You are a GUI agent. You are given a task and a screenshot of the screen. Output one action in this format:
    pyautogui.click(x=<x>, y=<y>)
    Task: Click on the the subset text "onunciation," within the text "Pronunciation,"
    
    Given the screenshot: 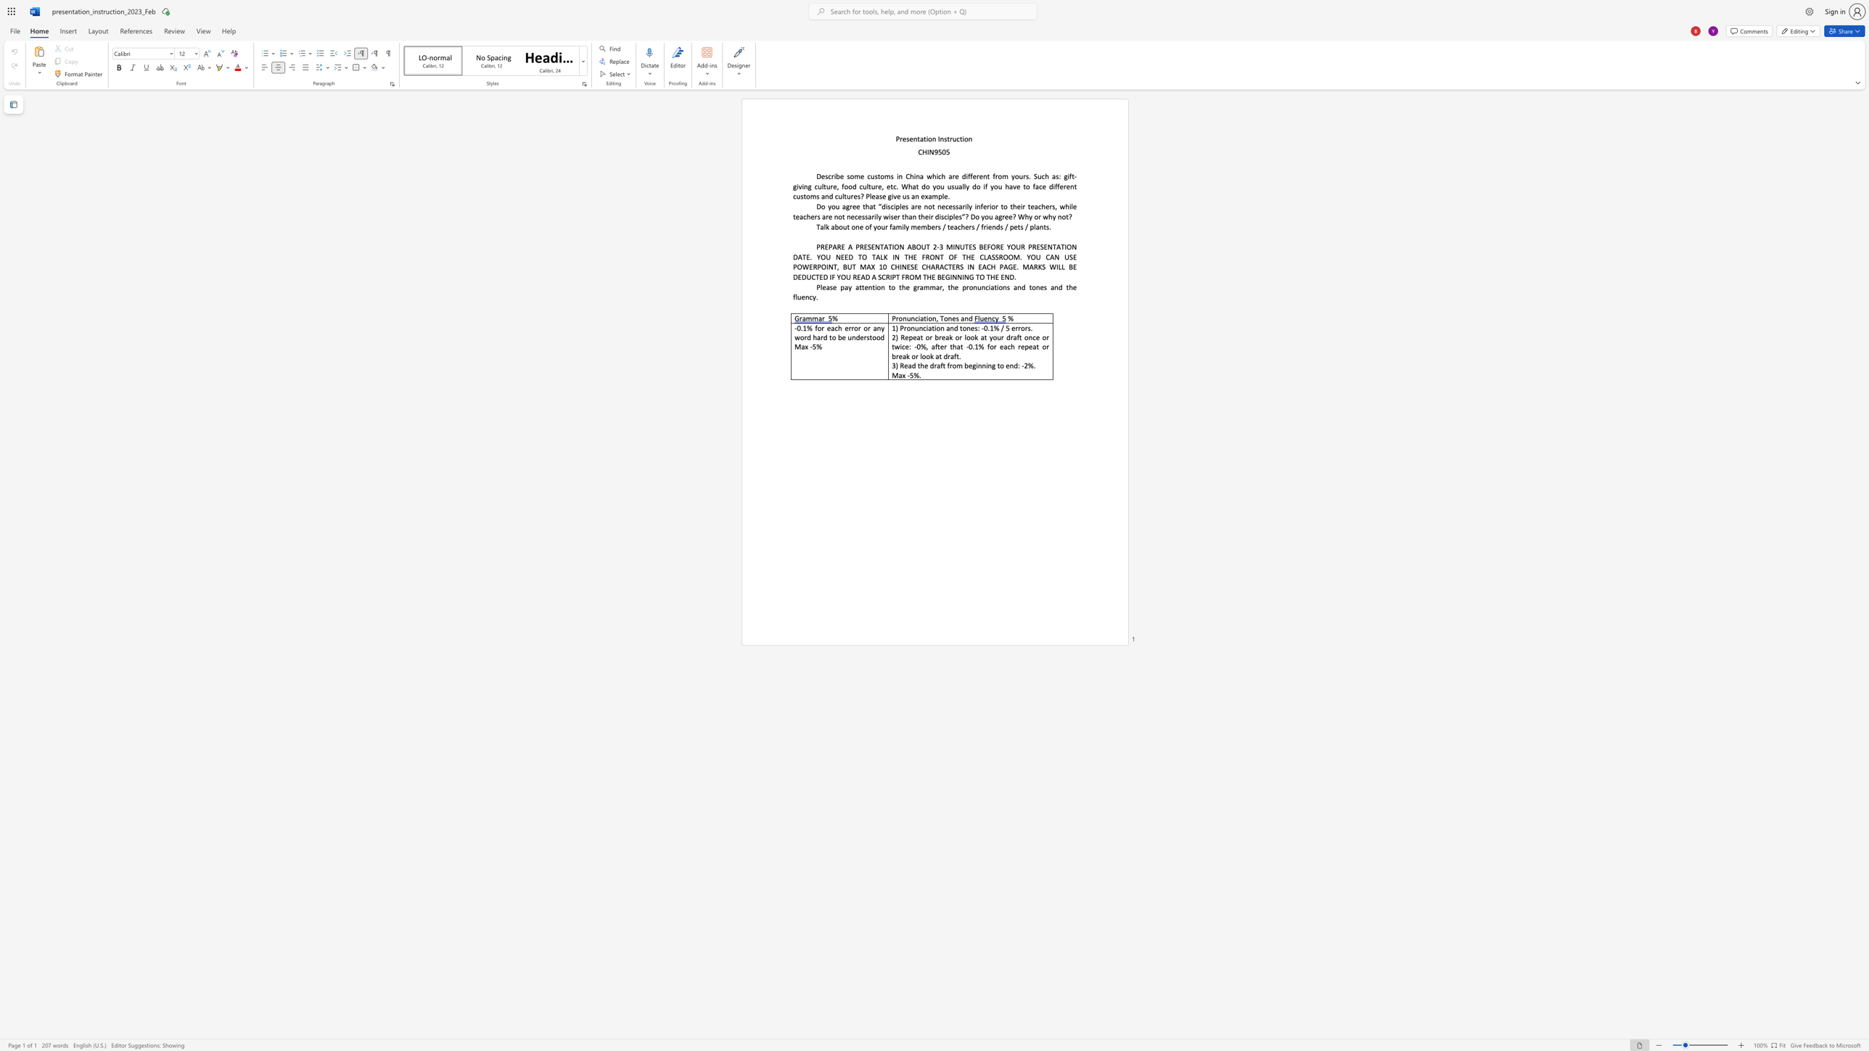 What is the action you would take?
    pyautogui.click(x=897, y=318)
    